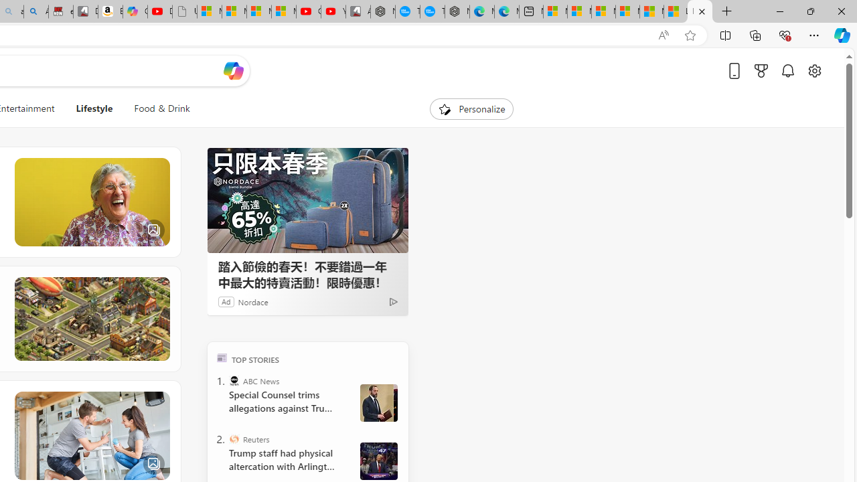 The width and height of the screenshot is (857, 482). I want to click on 'Microsoft account | Privacy', so click(627, 11).